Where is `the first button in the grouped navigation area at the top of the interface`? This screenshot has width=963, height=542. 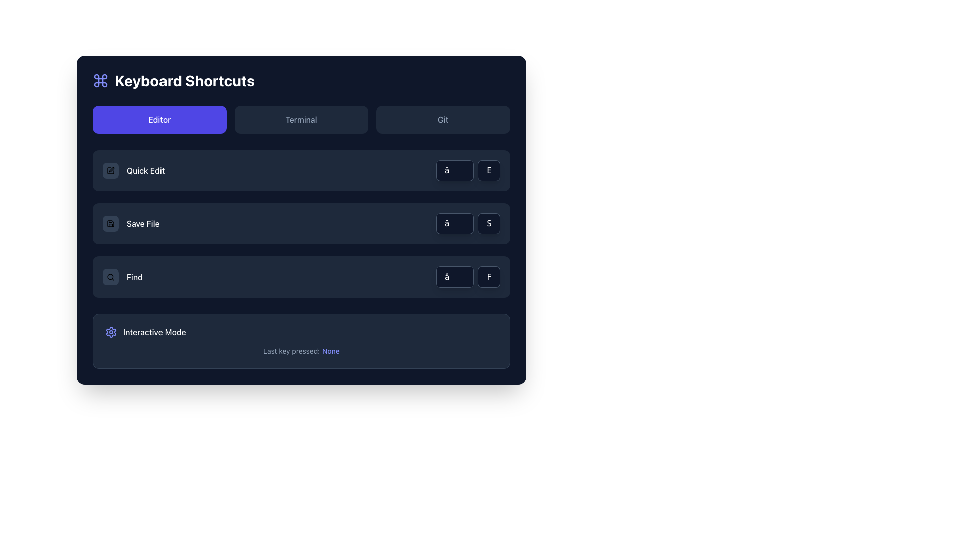
the first button in the grouped navigation area at the top of the interface is located at coordinates (159, 119).